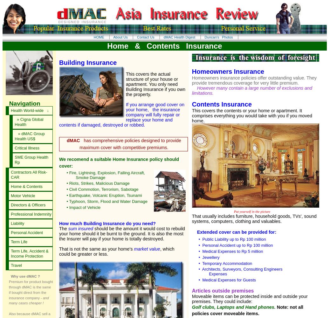  What do you see at coordinates (277, 307) in the screenshot?
I see `'Note:'` at bounding box center [277, 307].